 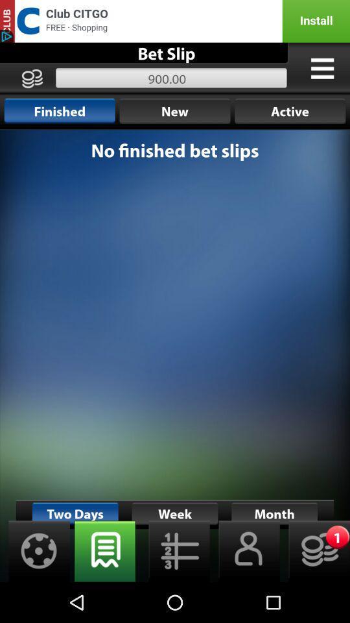 I want to click on setting, so click(x=35, y=550).